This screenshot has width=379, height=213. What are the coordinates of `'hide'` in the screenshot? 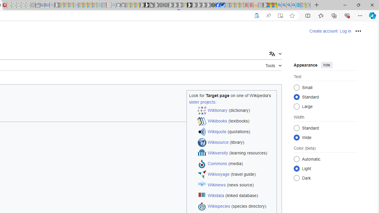 It's located at (326, 65).